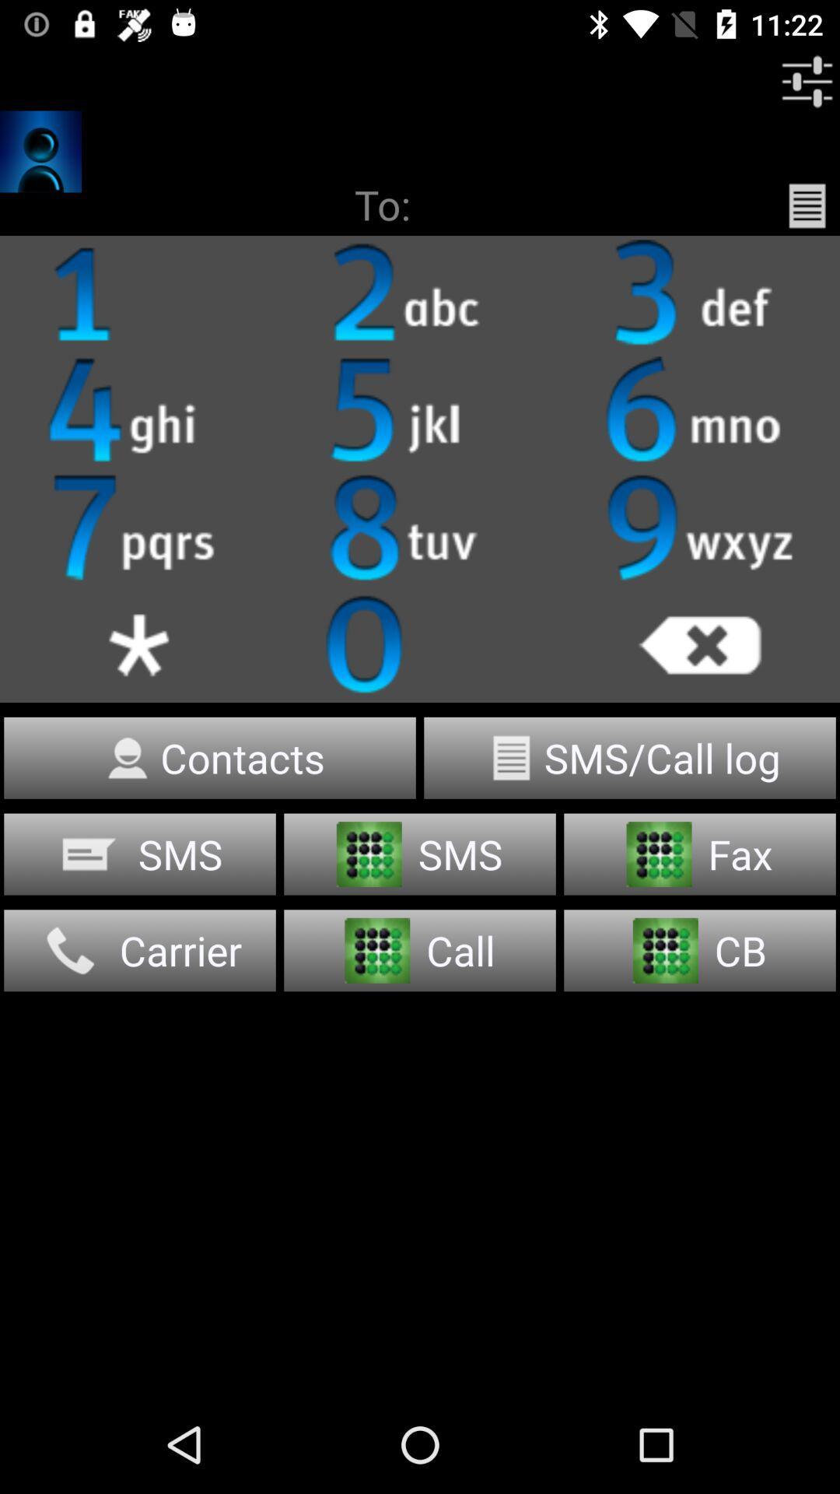 The width and height of the screenshot is (840, 1494). I want to click on 0, so click(420, 644).